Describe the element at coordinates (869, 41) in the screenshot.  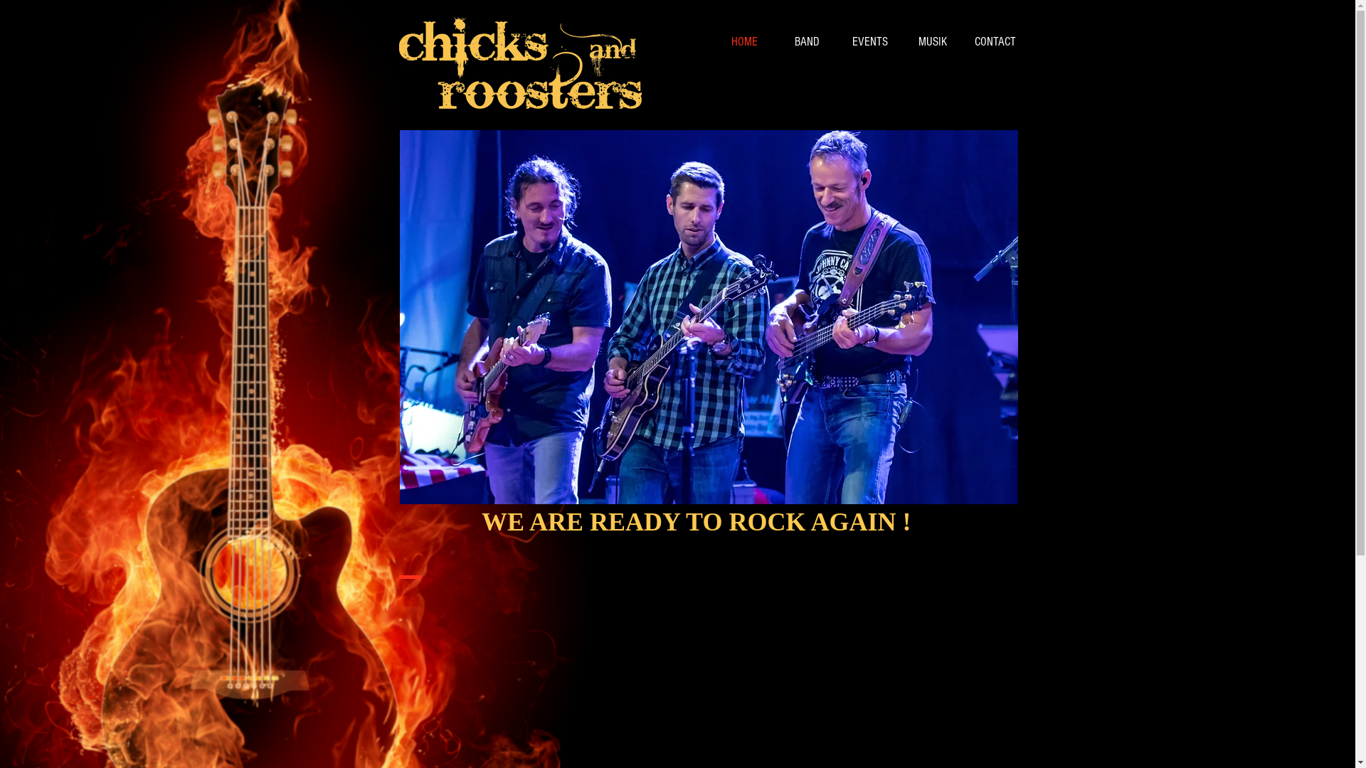
I see `'EVENTS'` at that location.